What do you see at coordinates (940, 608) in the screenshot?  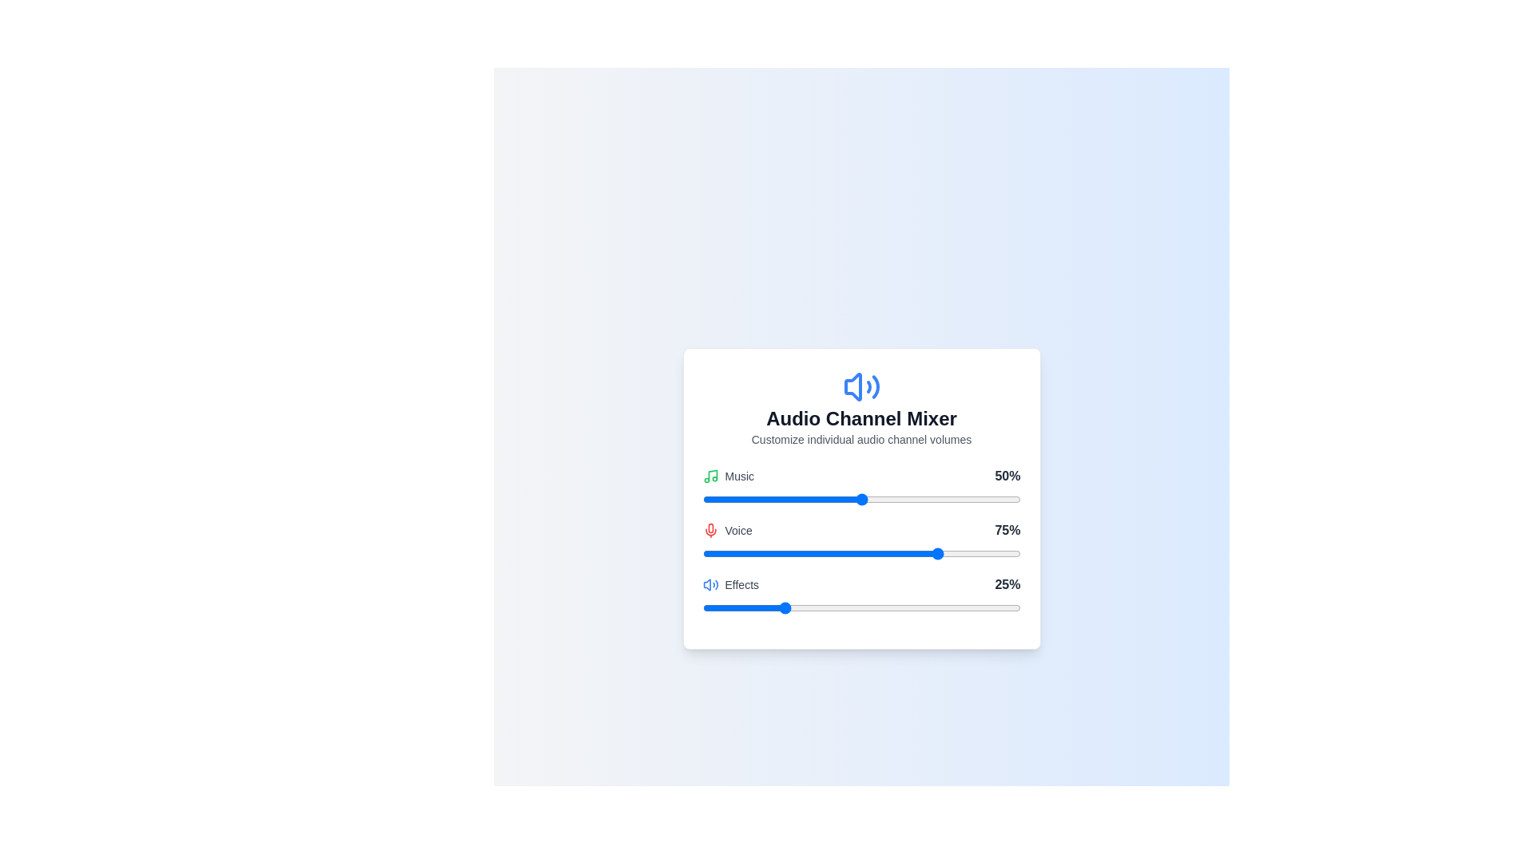 I see `the 'Effects' volume slider` at bounding box center [940, 608].